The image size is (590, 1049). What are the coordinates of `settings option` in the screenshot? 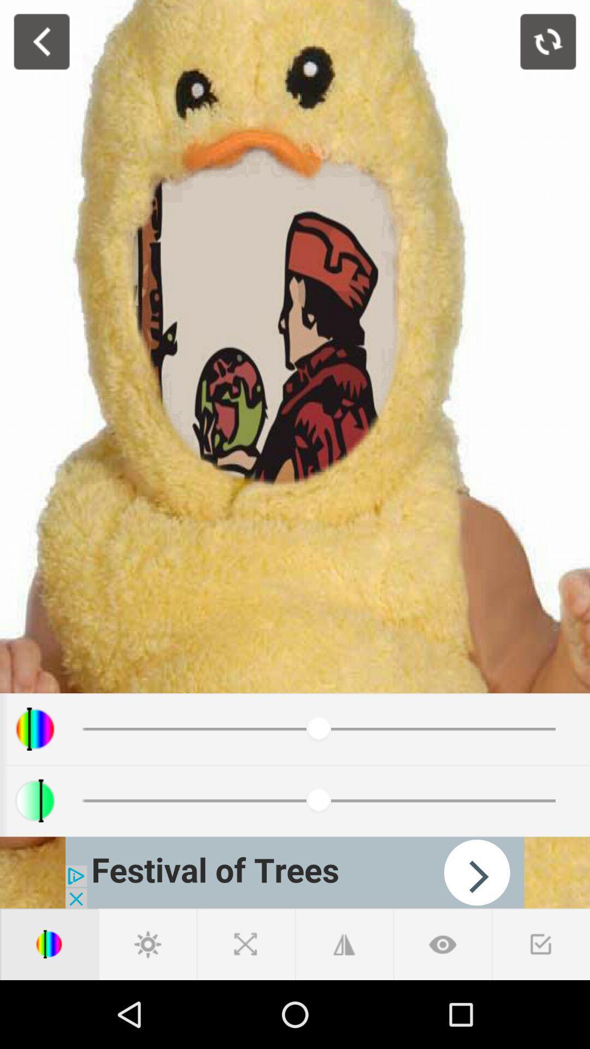 It's located at (147, 944).